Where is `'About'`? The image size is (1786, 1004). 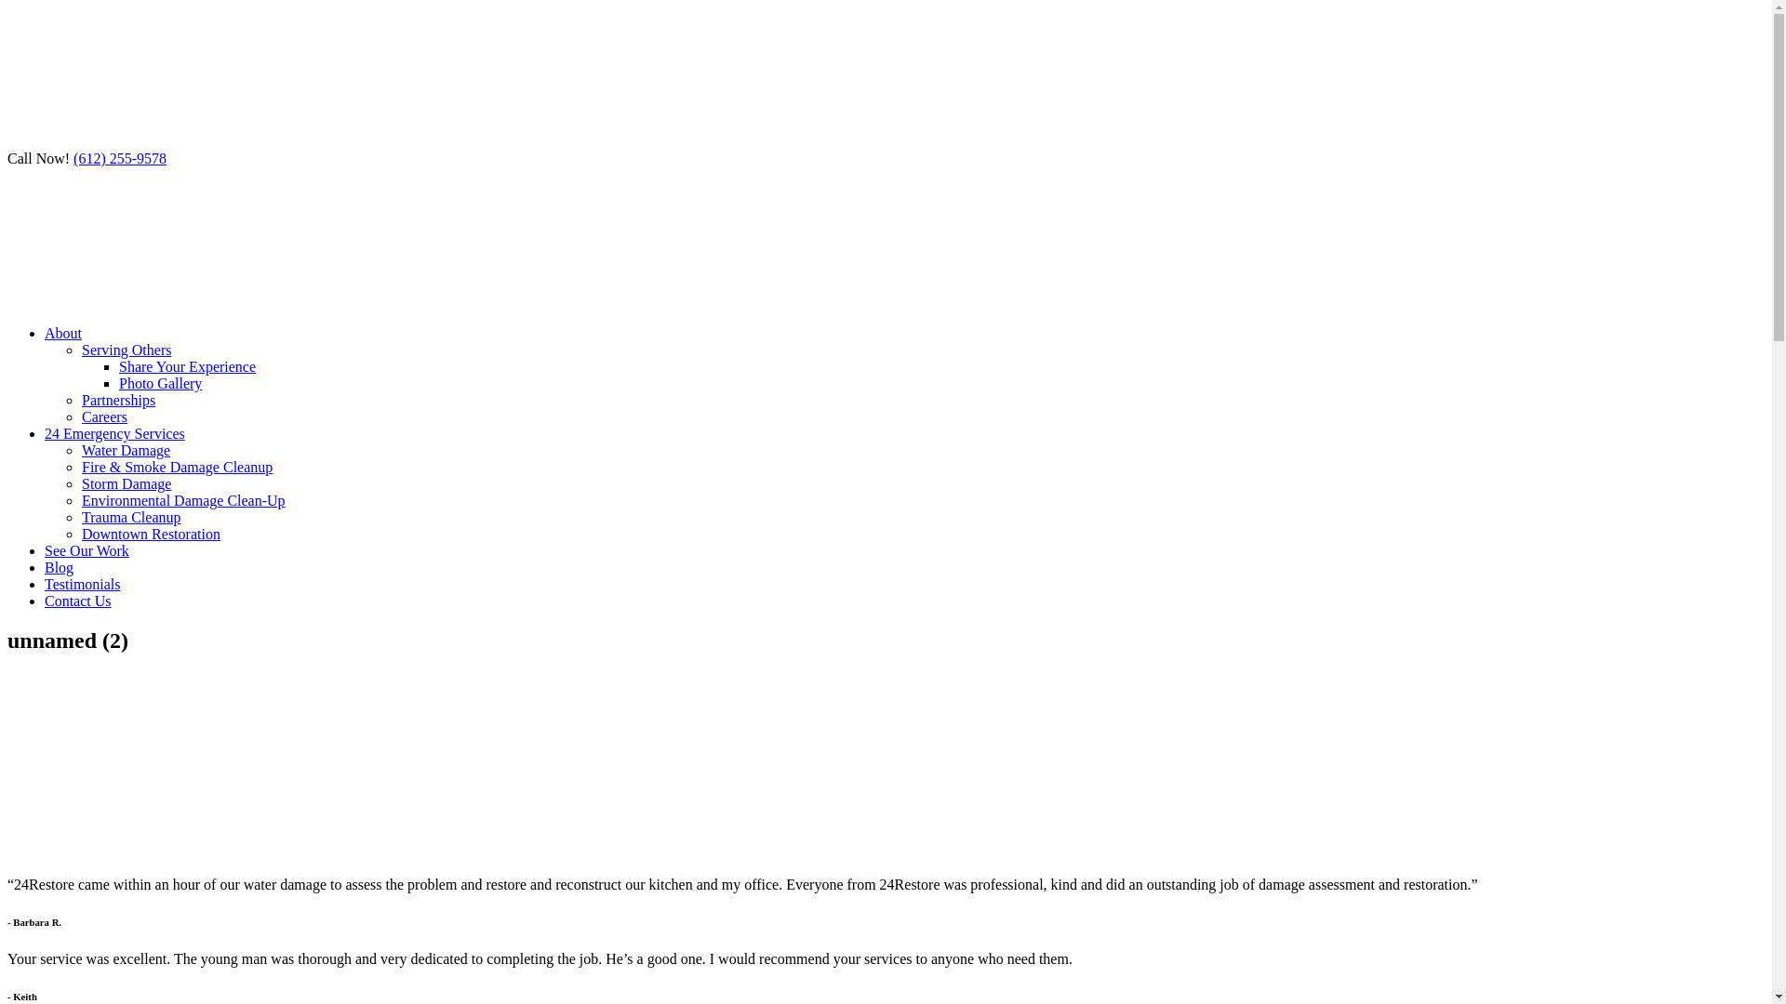 'About' is located at coordinates (62, 332).